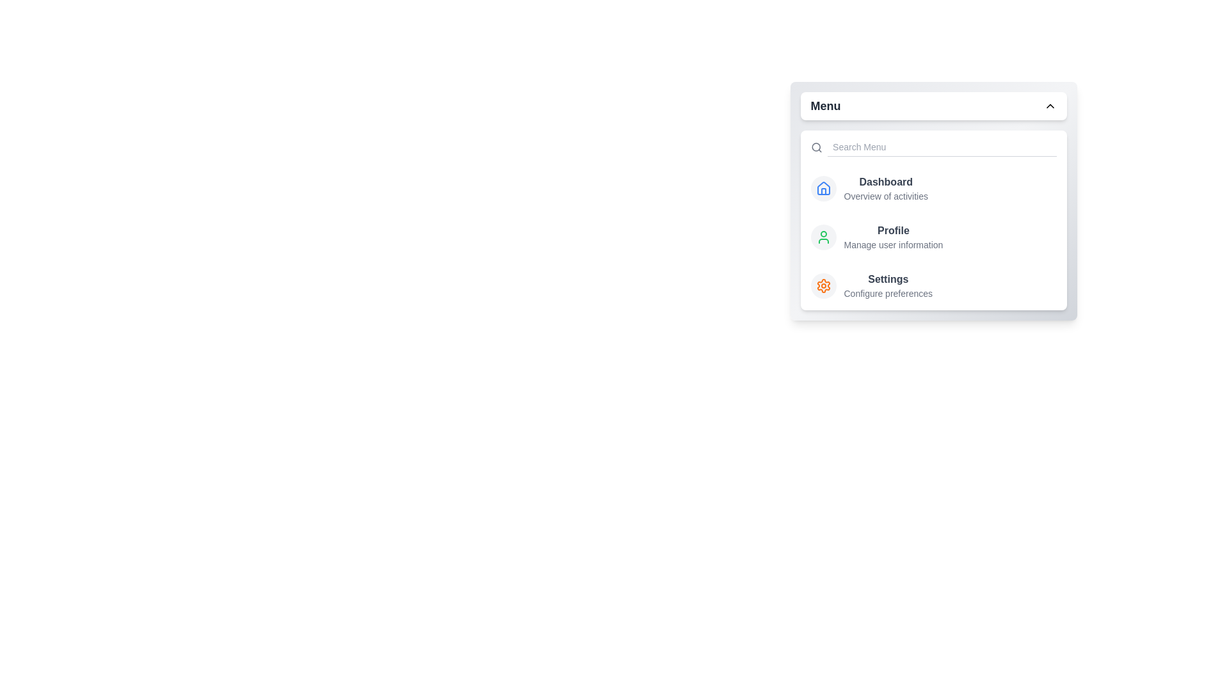 The image size is (1229, 691). Describe the element at coordinates (893, 231) in the screenshot. I see `the menu item labeled Profile` at that location.